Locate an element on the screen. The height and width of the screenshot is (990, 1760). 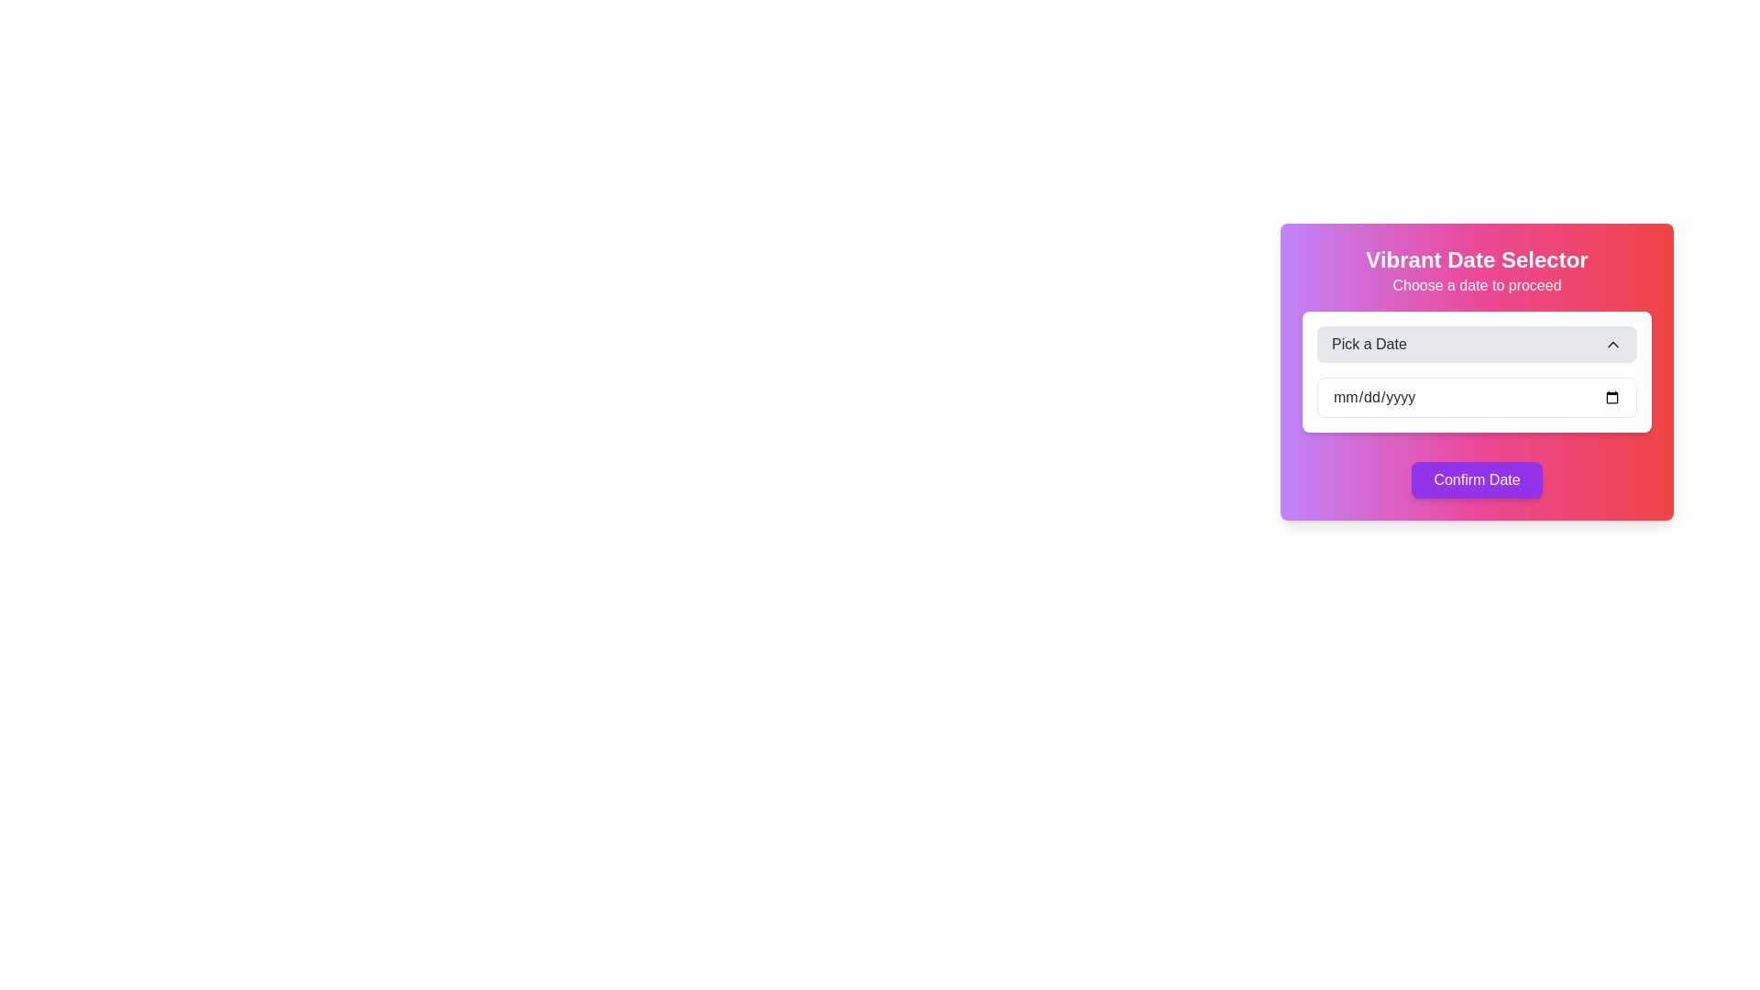
the purple button with rounded corners labeled 'Confirm Date' is located at coordinates (1477, 479).